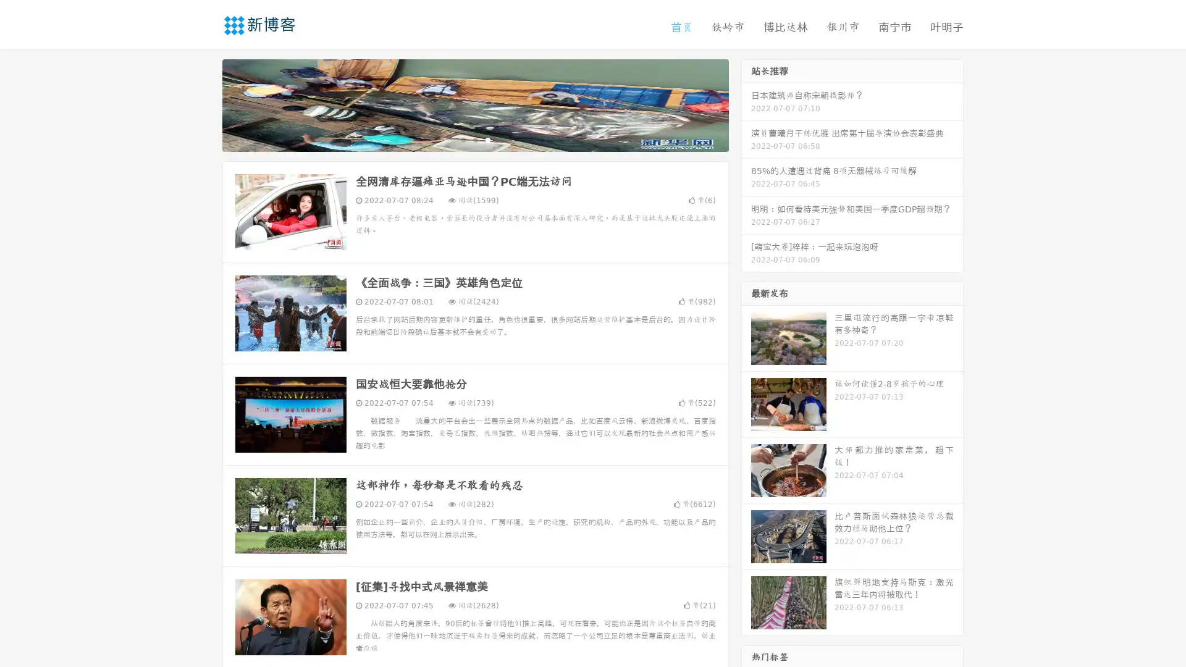 This screenshot has width=1186, height=667. What do you see at coordinates (474, 139) in the screenshot?
I see `Go to slide 2` at bounding box center [474, 139].